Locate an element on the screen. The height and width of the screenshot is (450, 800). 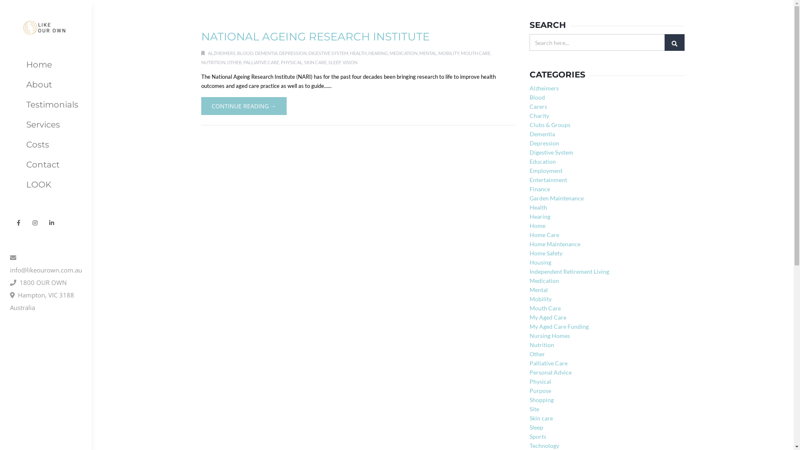
'DEPRESSION' is located at coordinates (292, 52).